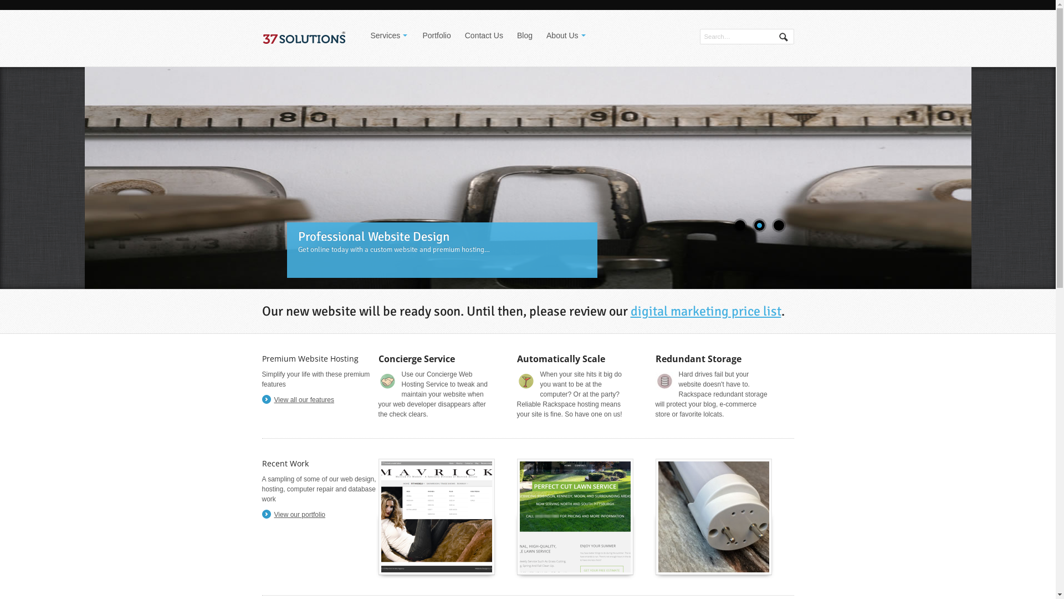 This screenshot has height=599, width=1064. I want to click on 'Web Hosting, Design, and Management', so click(303, 38).